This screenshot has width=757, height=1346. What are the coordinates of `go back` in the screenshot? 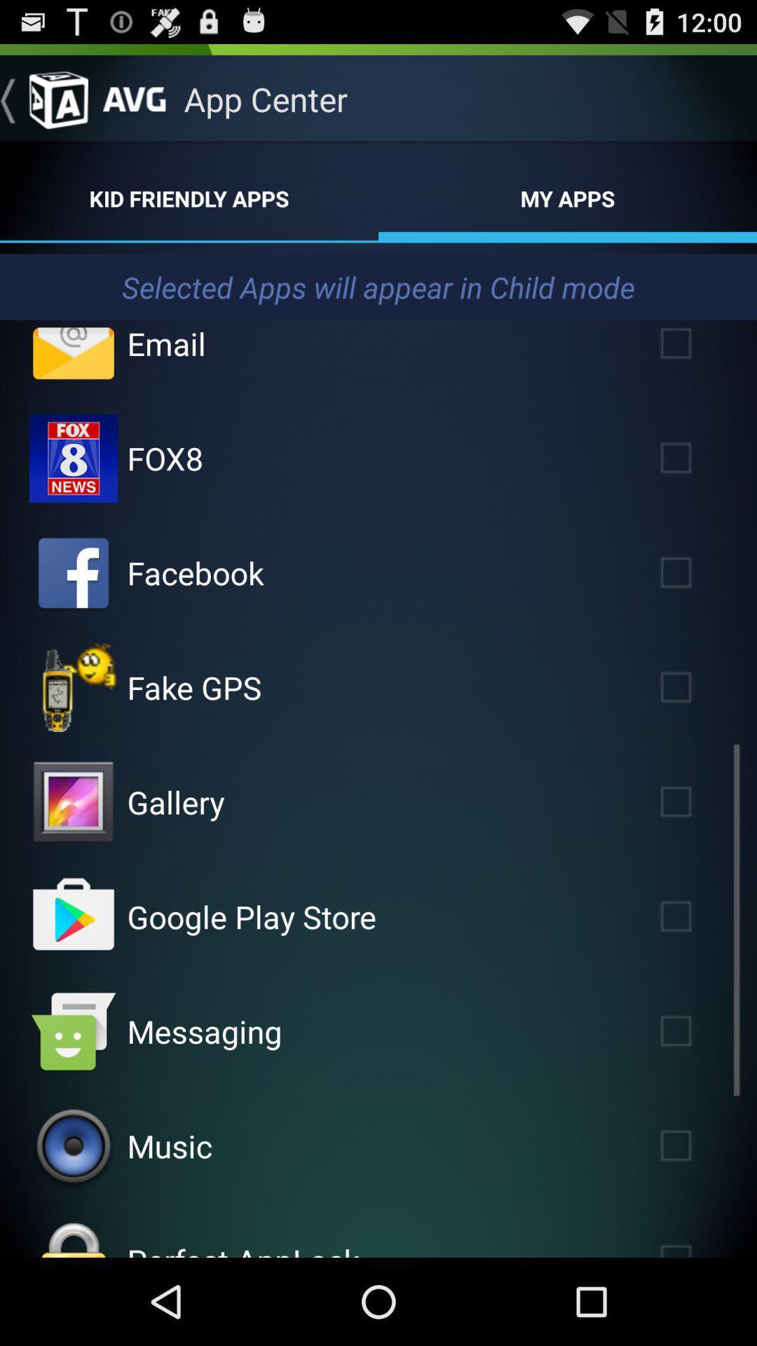 It's located at (43, 98).